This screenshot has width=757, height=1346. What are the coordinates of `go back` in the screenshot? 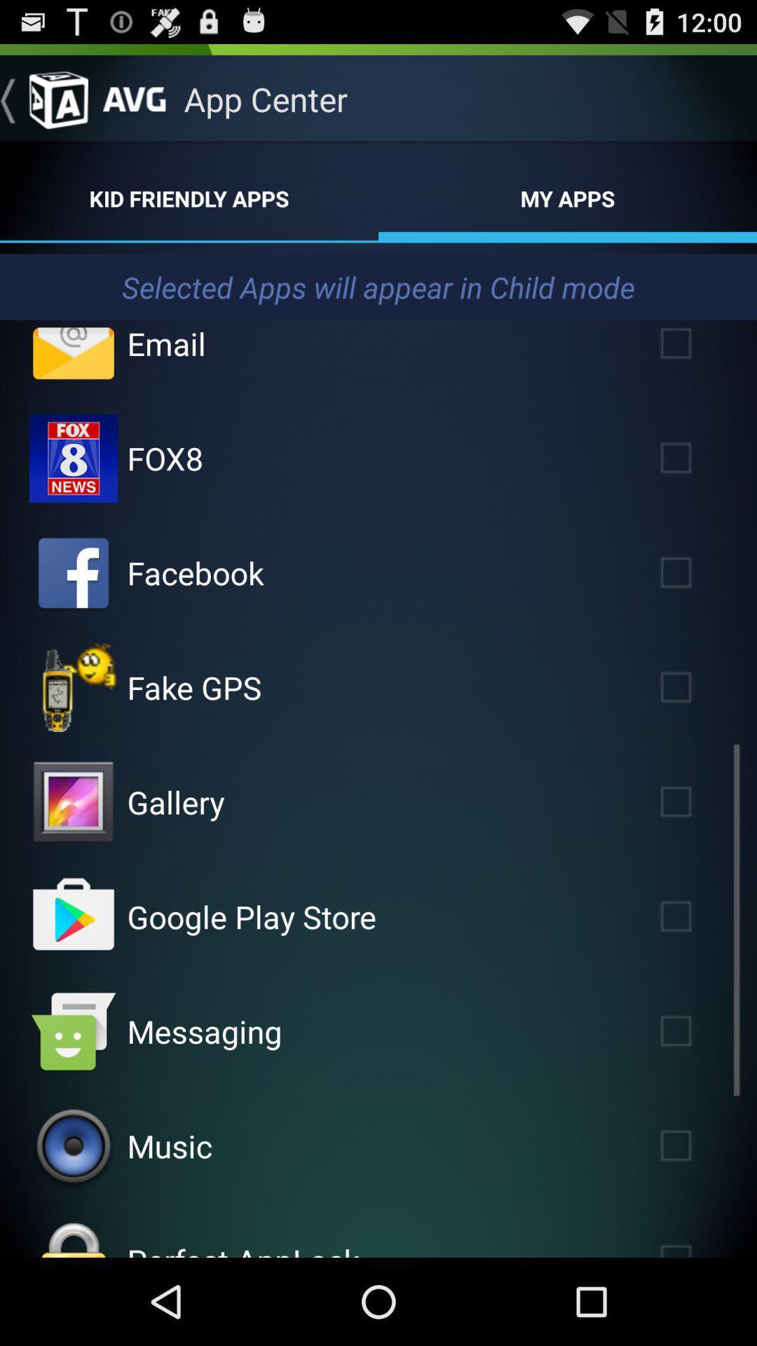 It's located at (43, 98).